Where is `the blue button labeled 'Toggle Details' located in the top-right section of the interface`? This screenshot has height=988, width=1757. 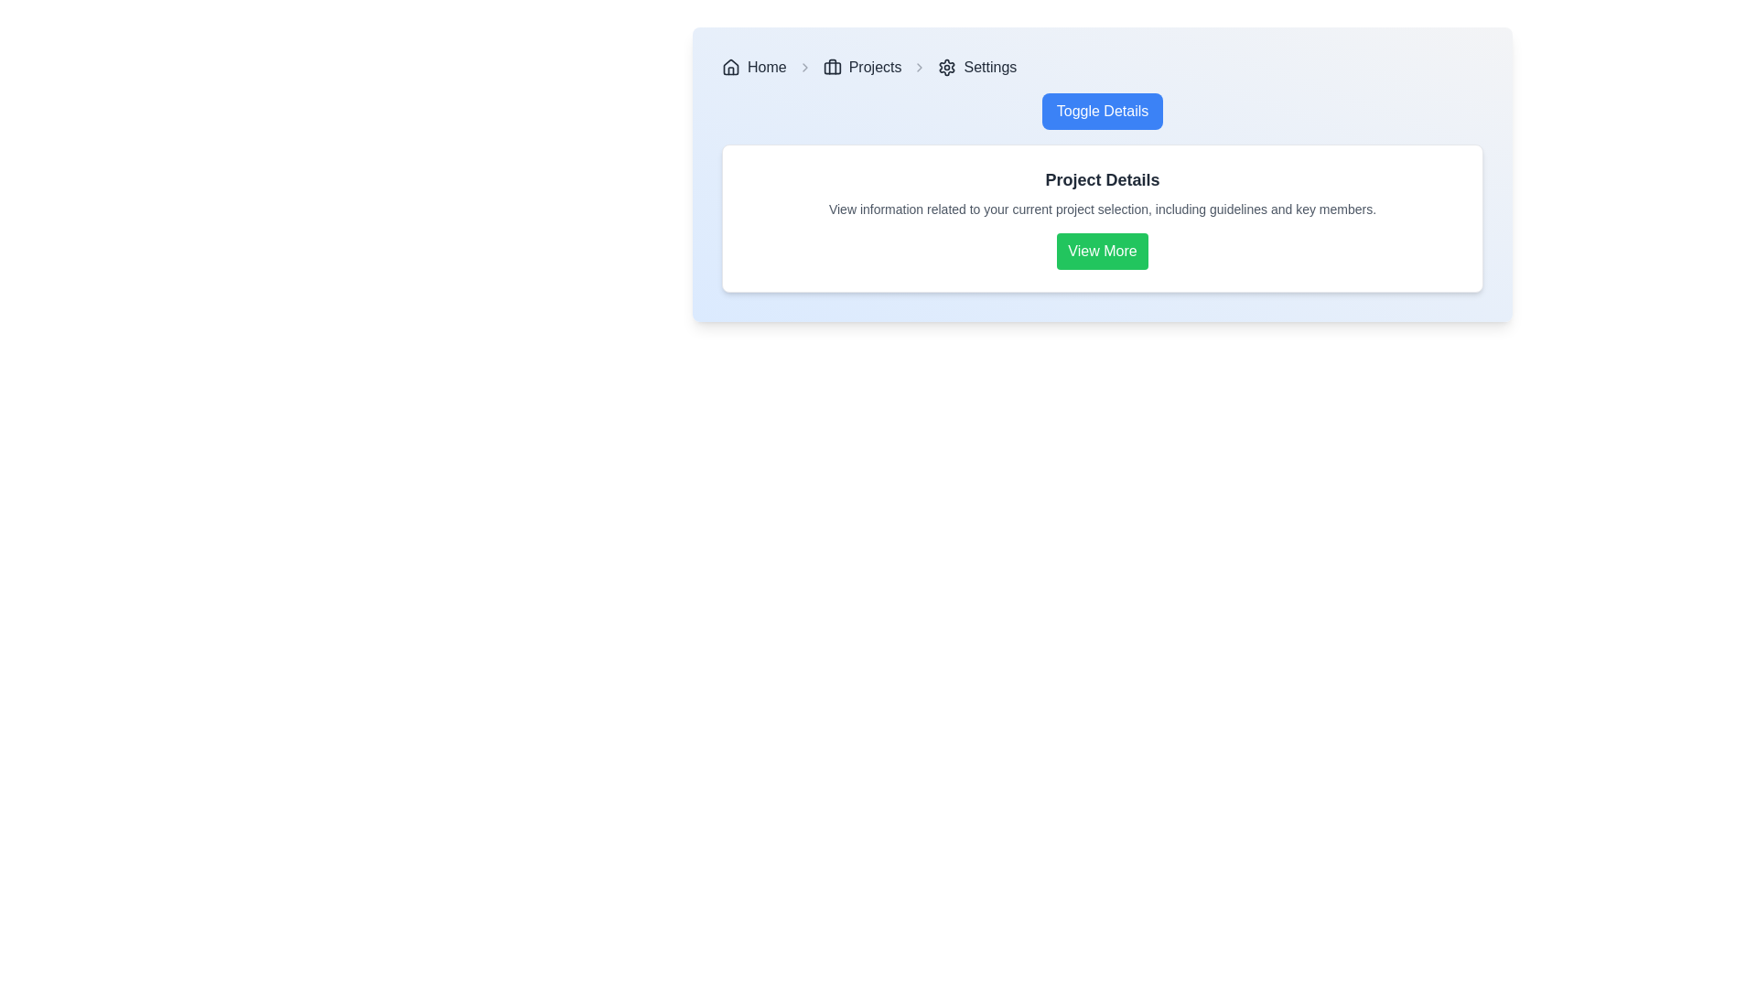
the blue button labeled 'Toggle Details' located in the top-right section of the interface is located at coordinates (1101, 112).